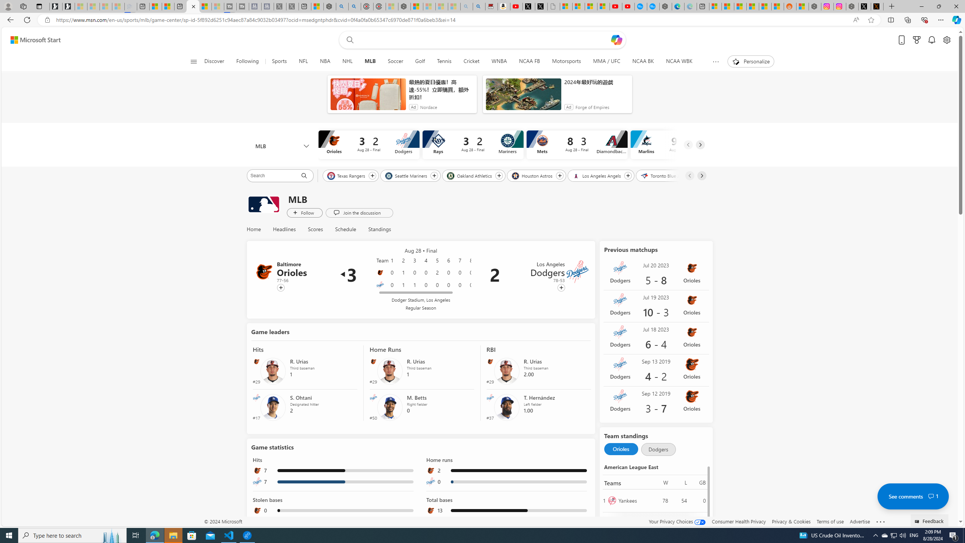 Image resolution: width=965 pixels, height=543 pixels. Describe the element at coordinates (264, 271) in the screenshot. I see `'Baltimore Orioles'` at that location.